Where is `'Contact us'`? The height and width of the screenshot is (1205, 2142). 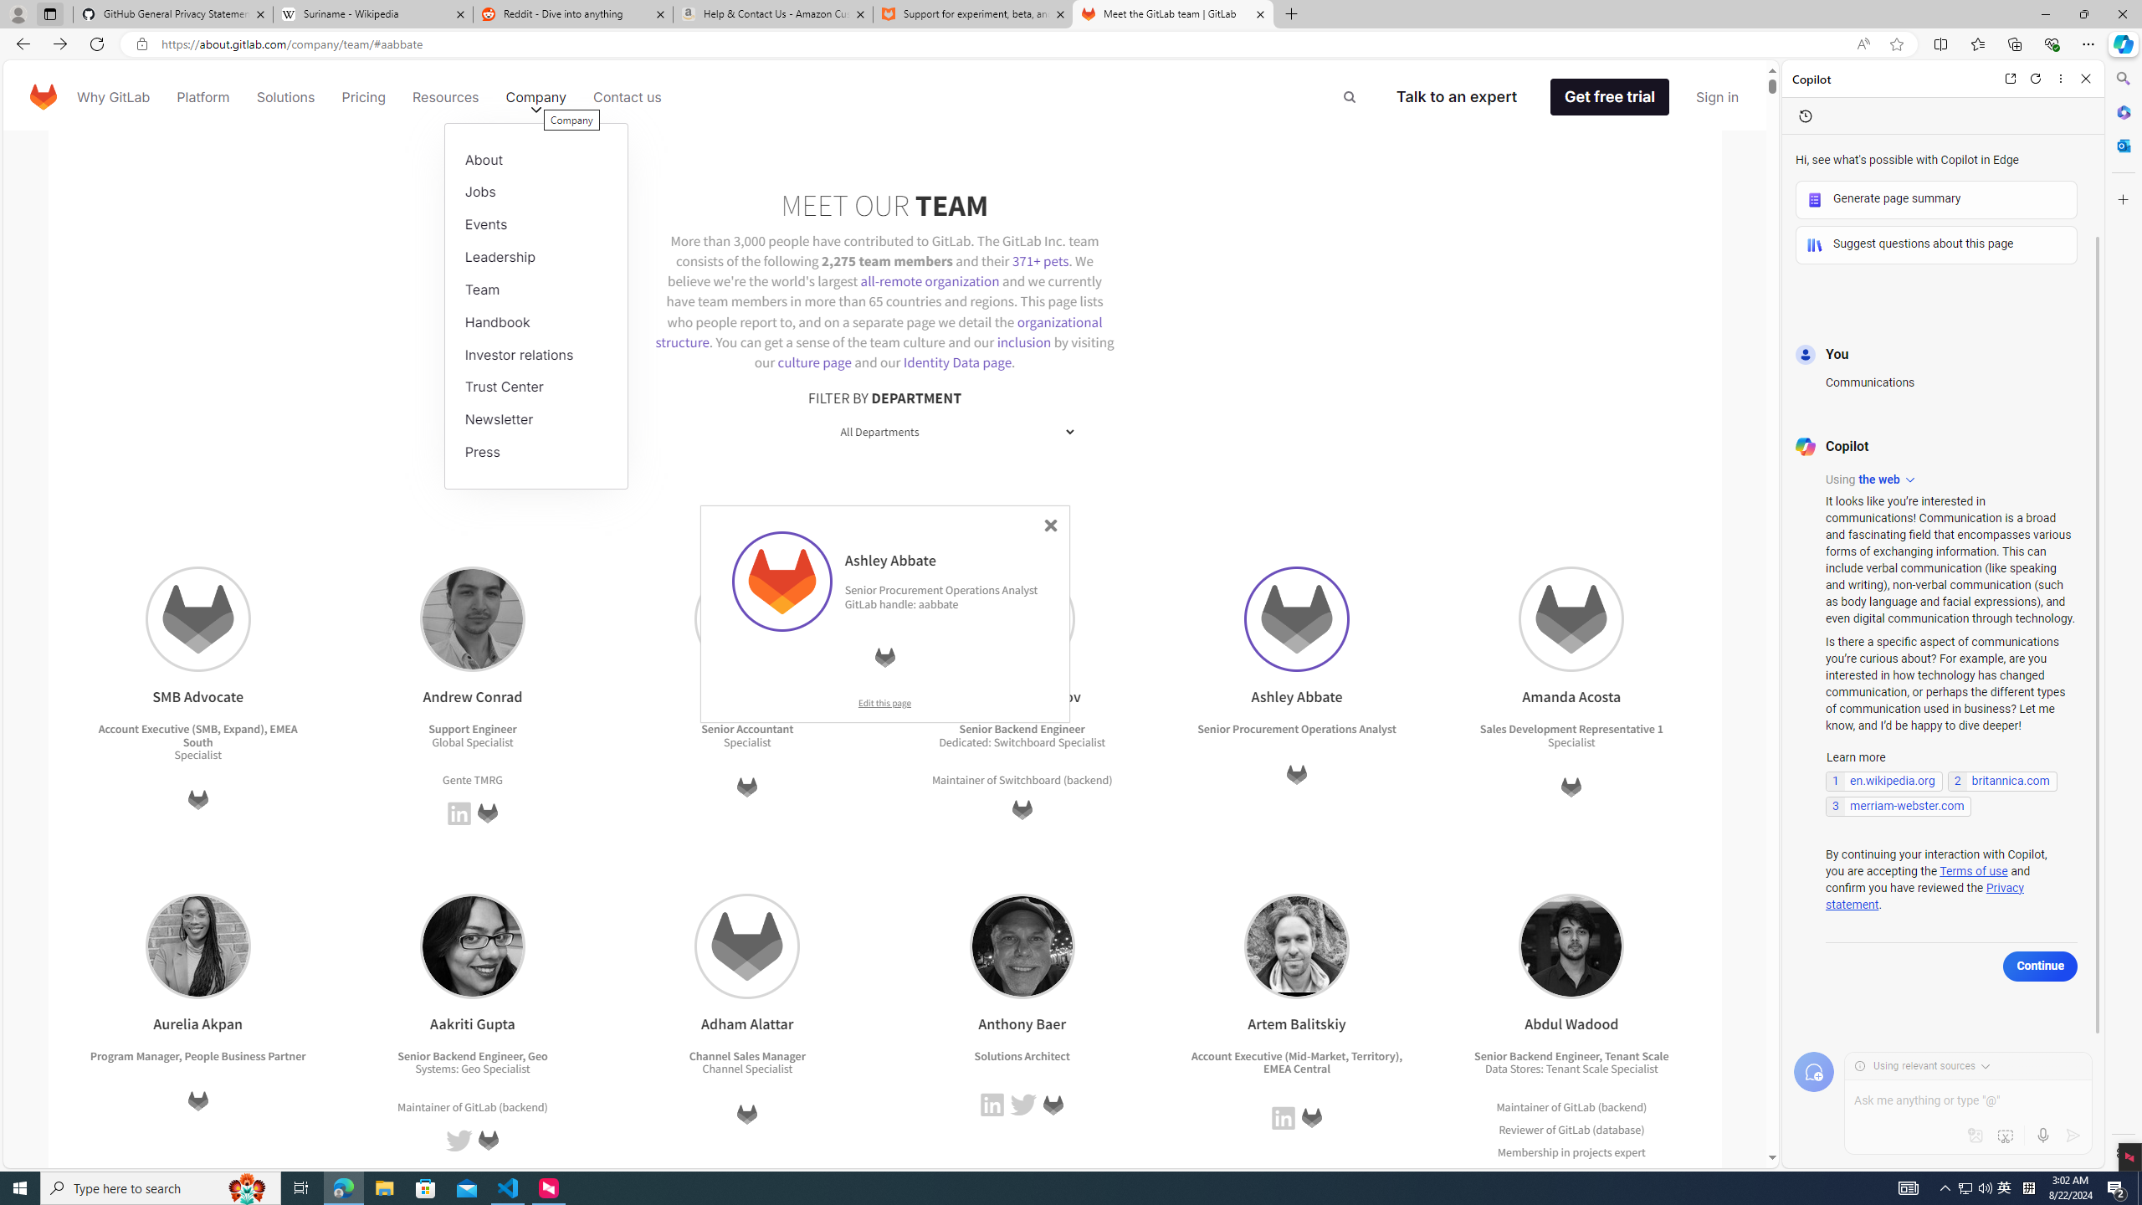 'Contact us' is located at coordinates (628, 95).